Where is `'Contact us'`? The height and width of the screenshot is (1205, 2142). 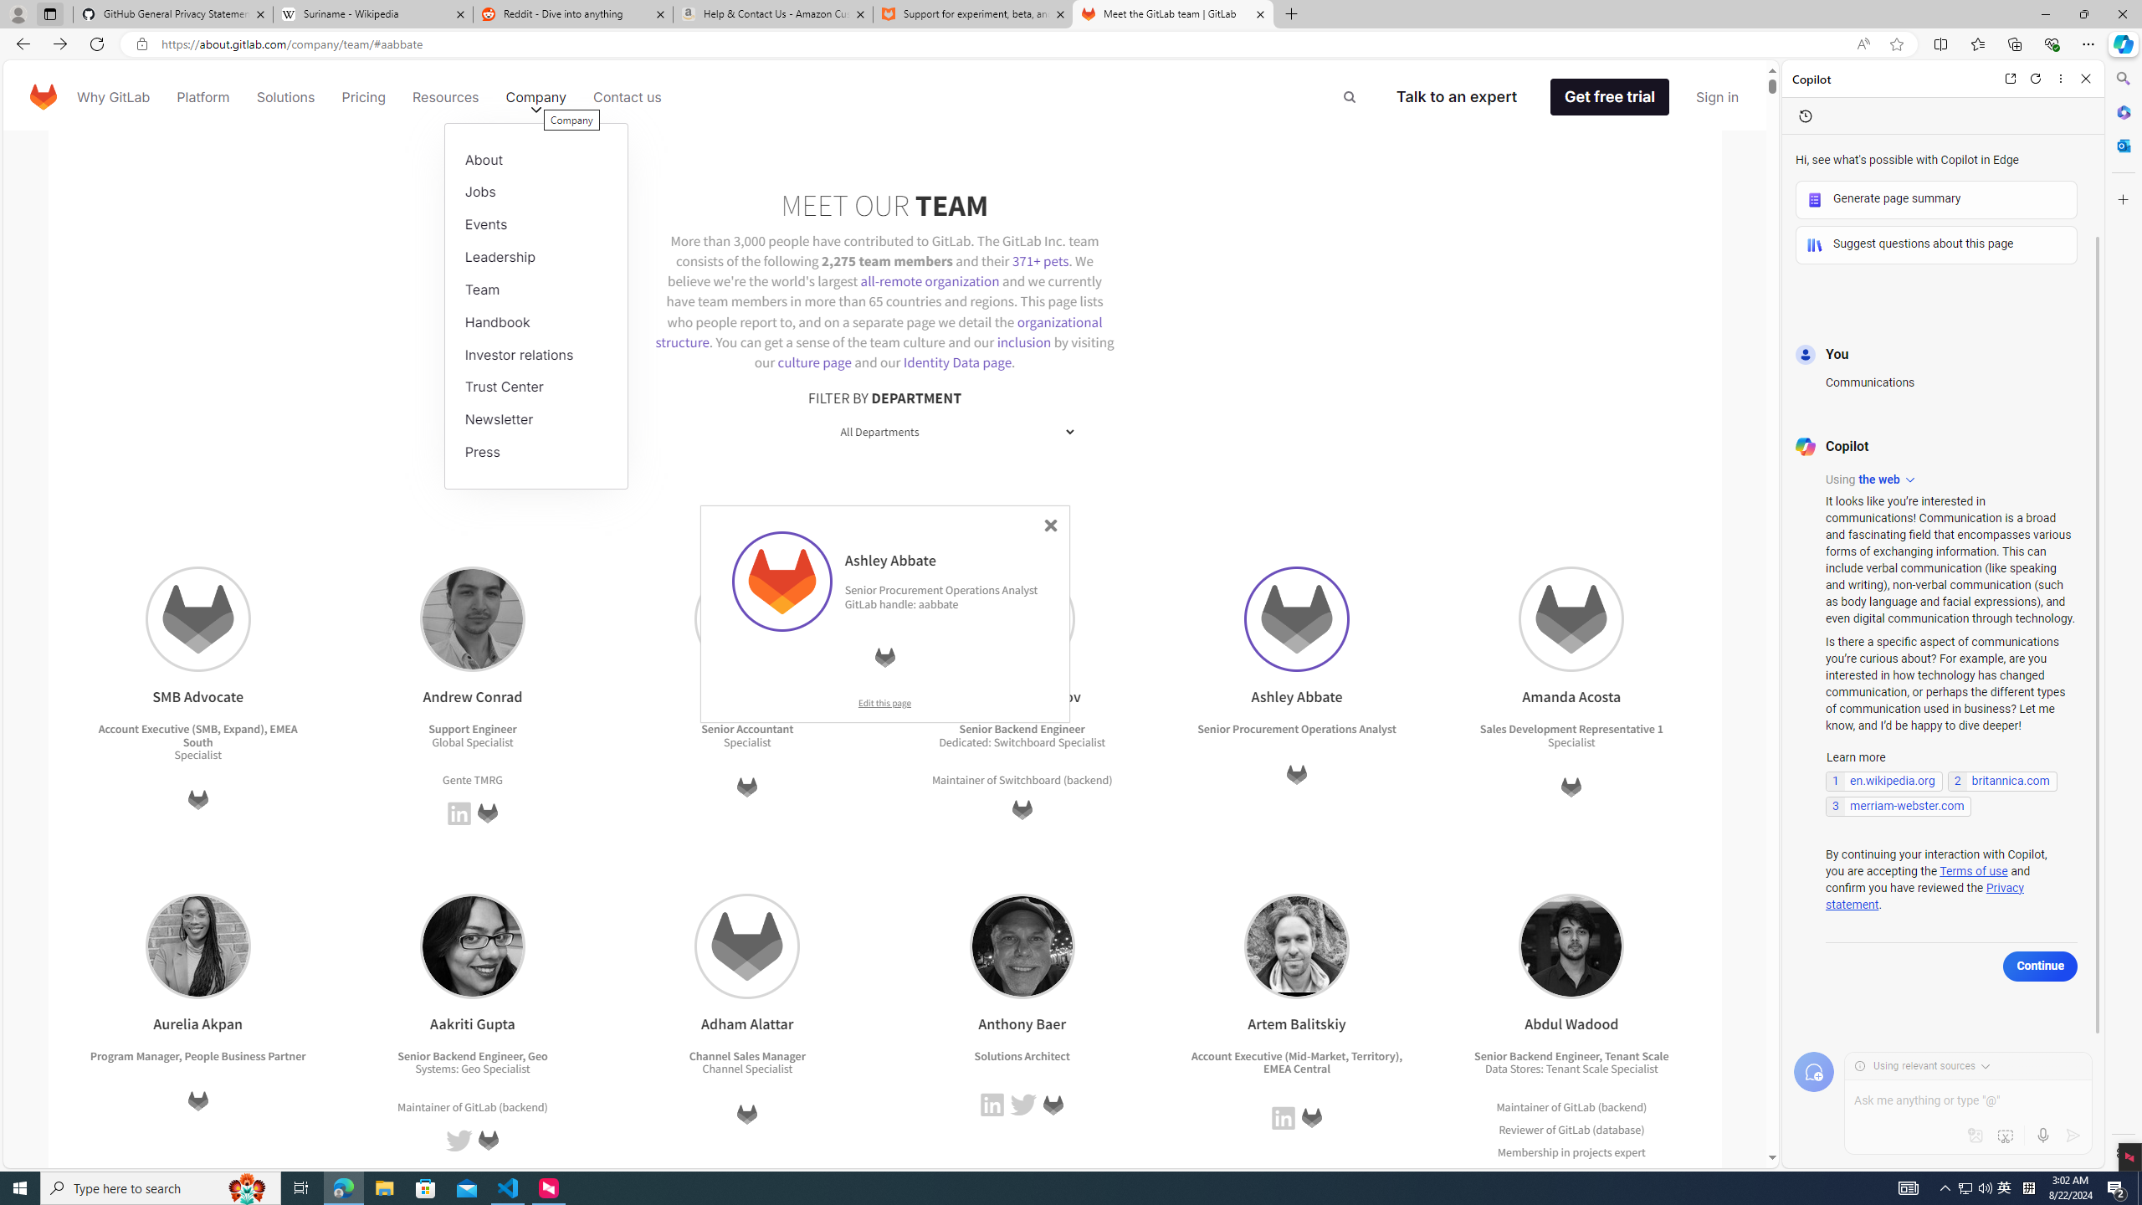 'Contact us' is located at coordinates (628, 95).